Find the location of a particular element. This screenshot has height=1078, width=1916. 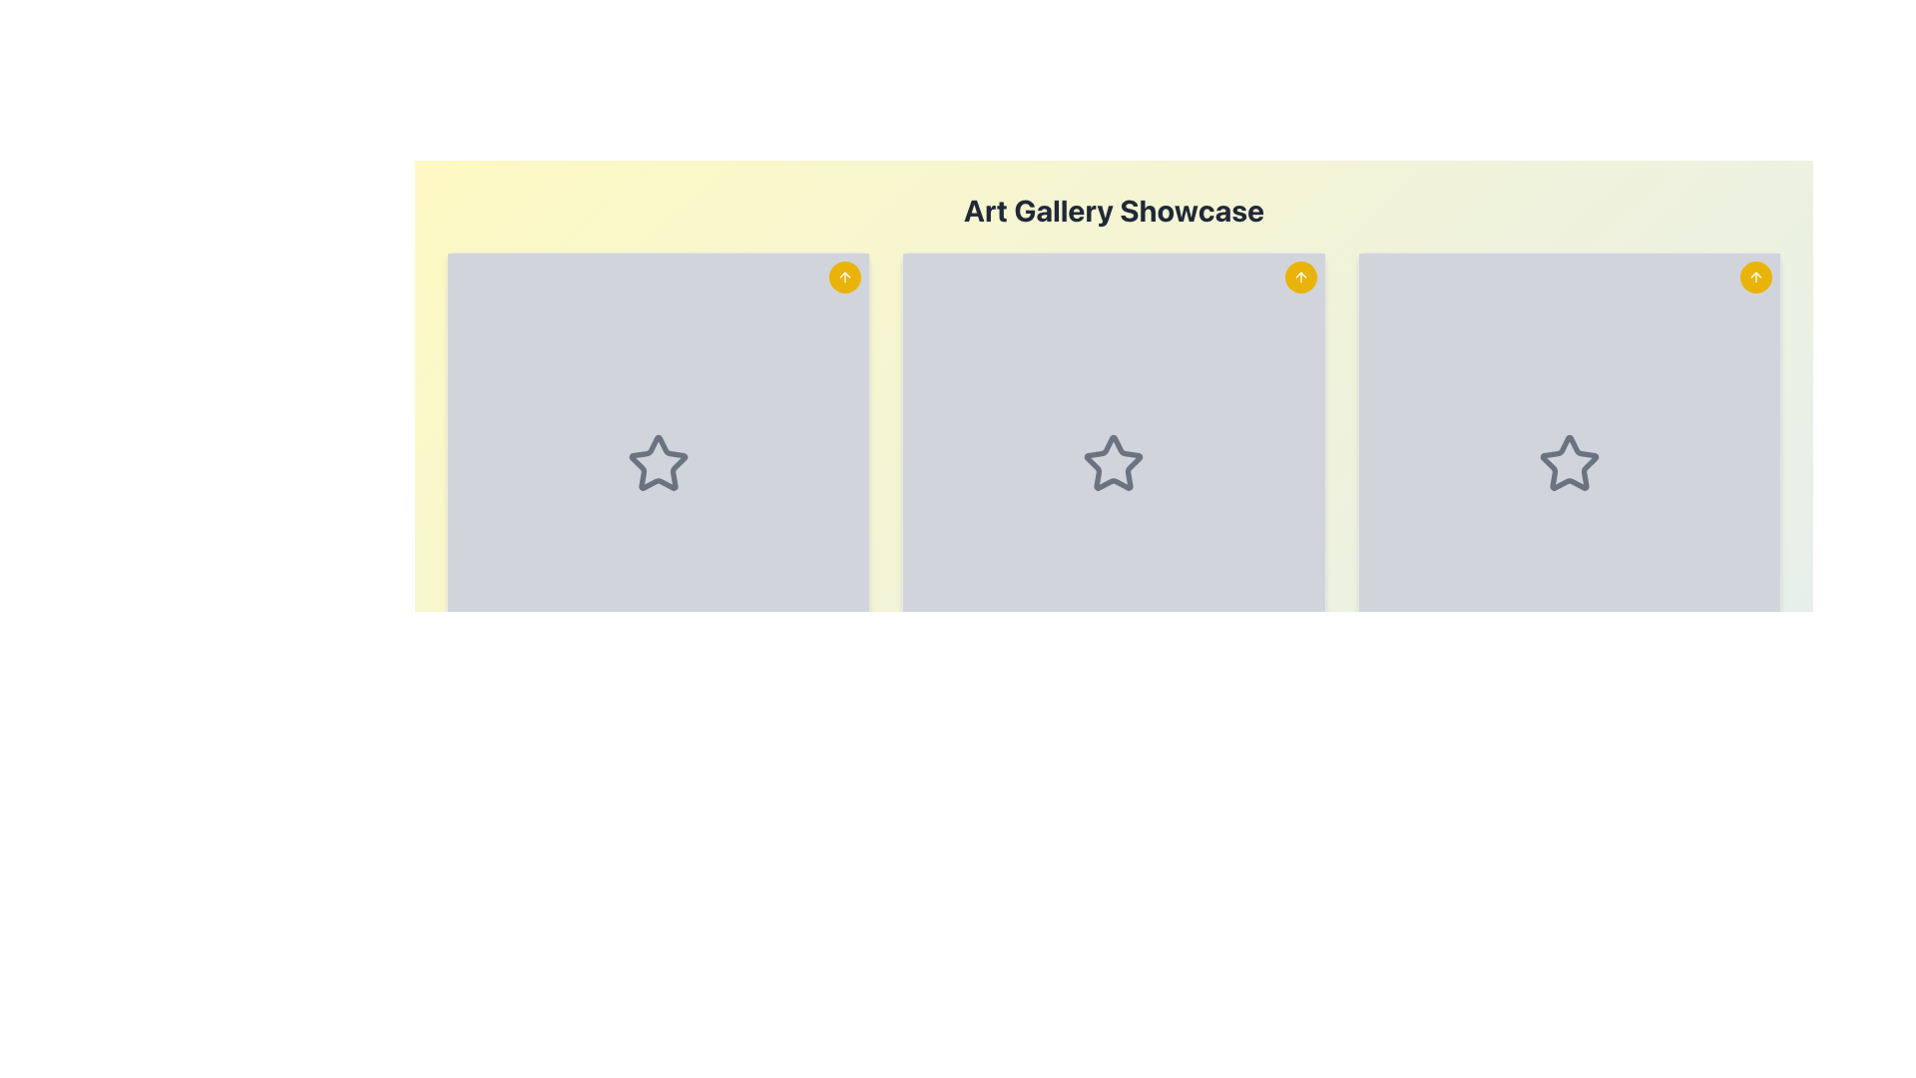

the outlined star icon located in the center of the light gray square area within the first card of the horizontally aligned grid layout is located at coordinates (659, 464).